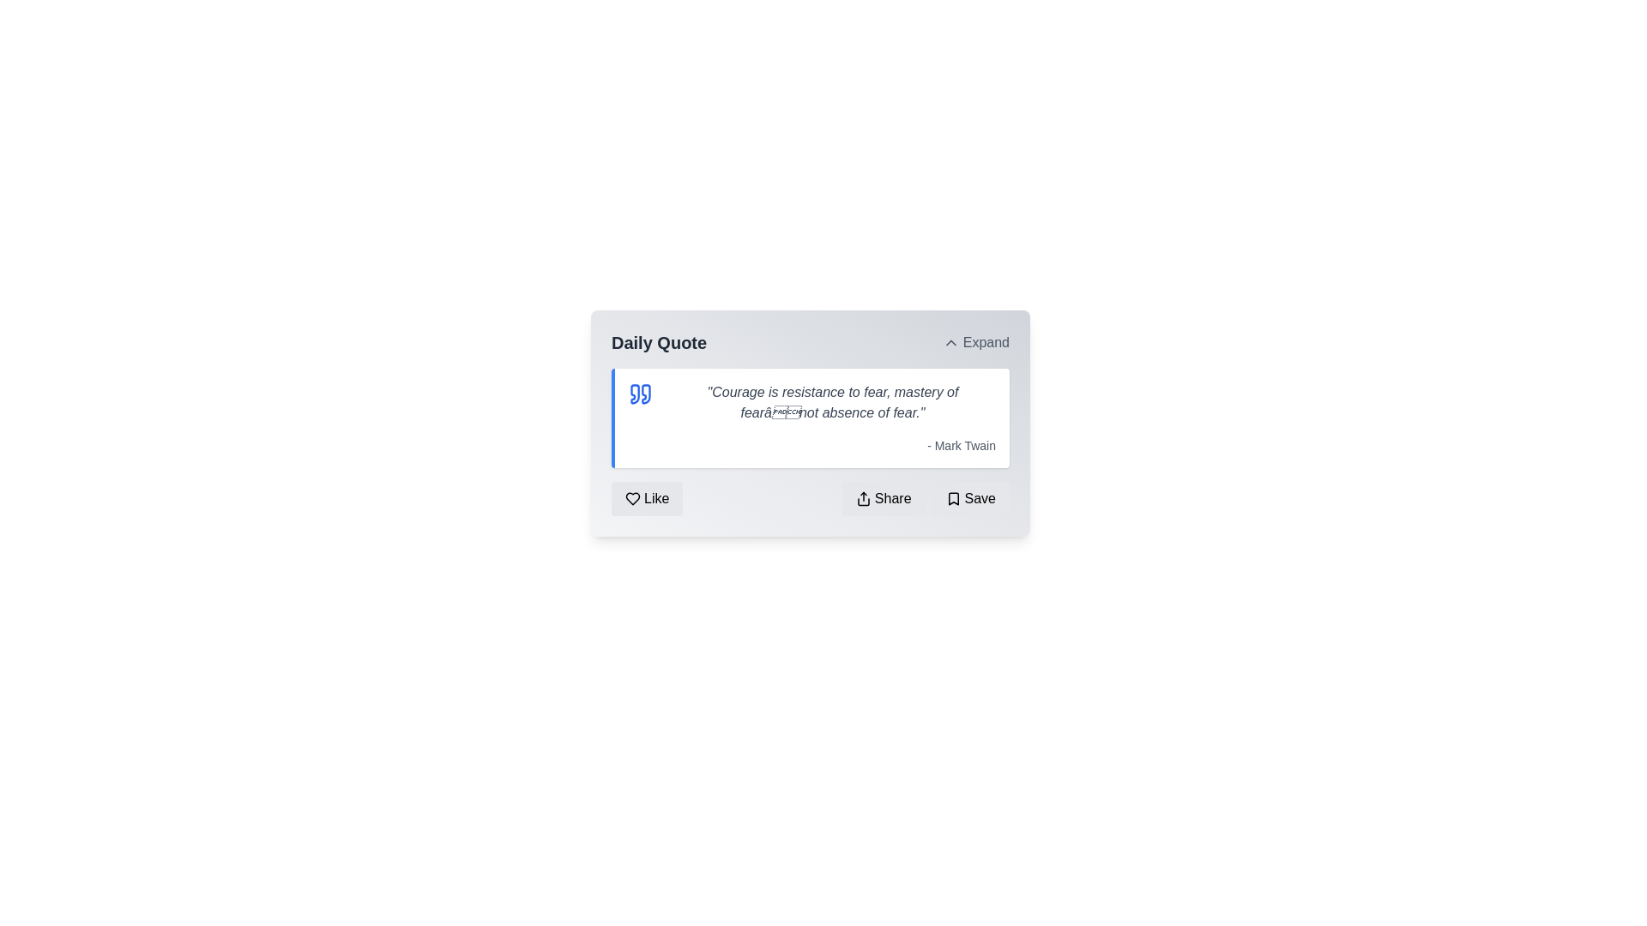  I want to click on the grayish bookmark icon located to the left of the 'Save' text within the rectangular button at the bottom-right corner of the quote card, so click(952, 499).